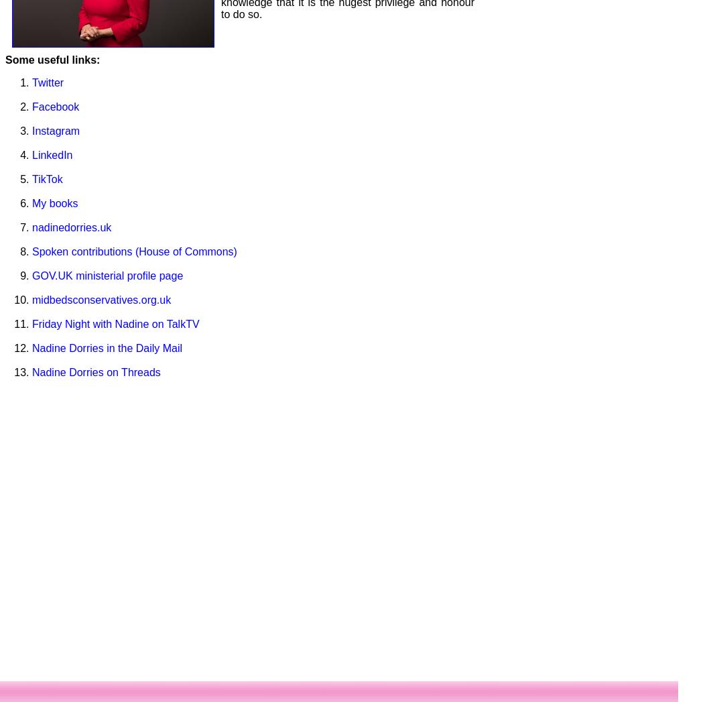 The width and height of the screenshot is (707, 702). What do you see at coordinates (32, 251) in the screenshot?
I see `'Spoken contributions (House of Commons)'` at bounding box center [32, 251].